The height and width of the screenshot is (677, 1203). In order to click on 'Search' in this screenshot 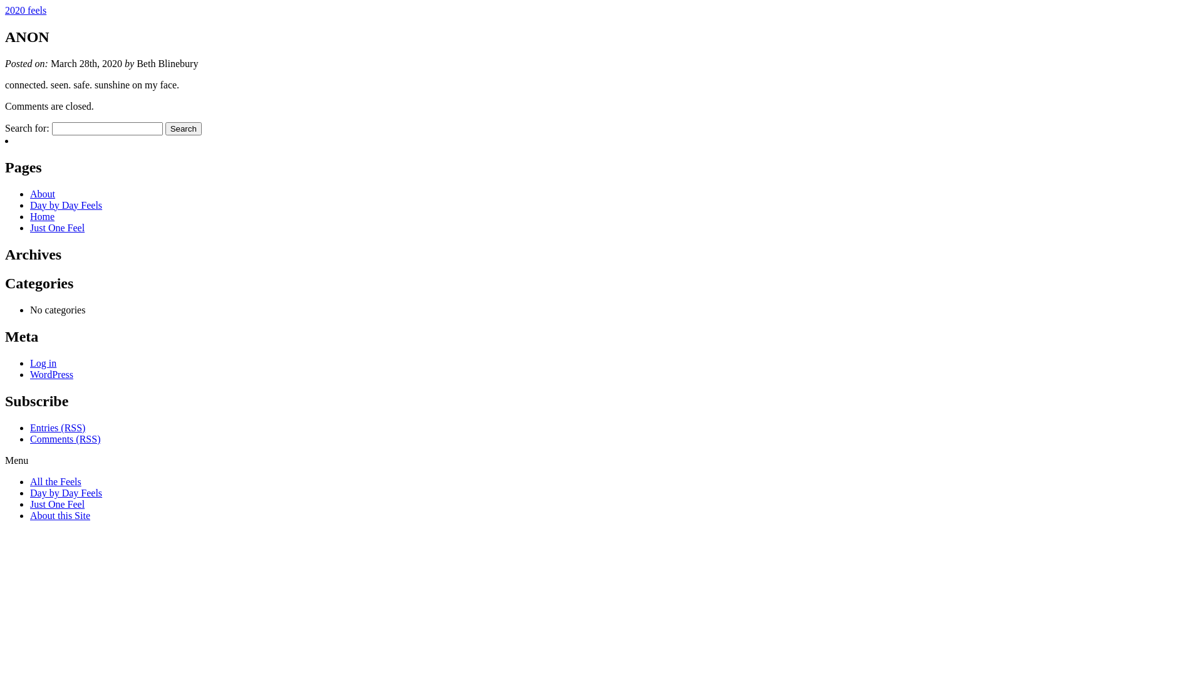, I will do `click(182, 129)`.